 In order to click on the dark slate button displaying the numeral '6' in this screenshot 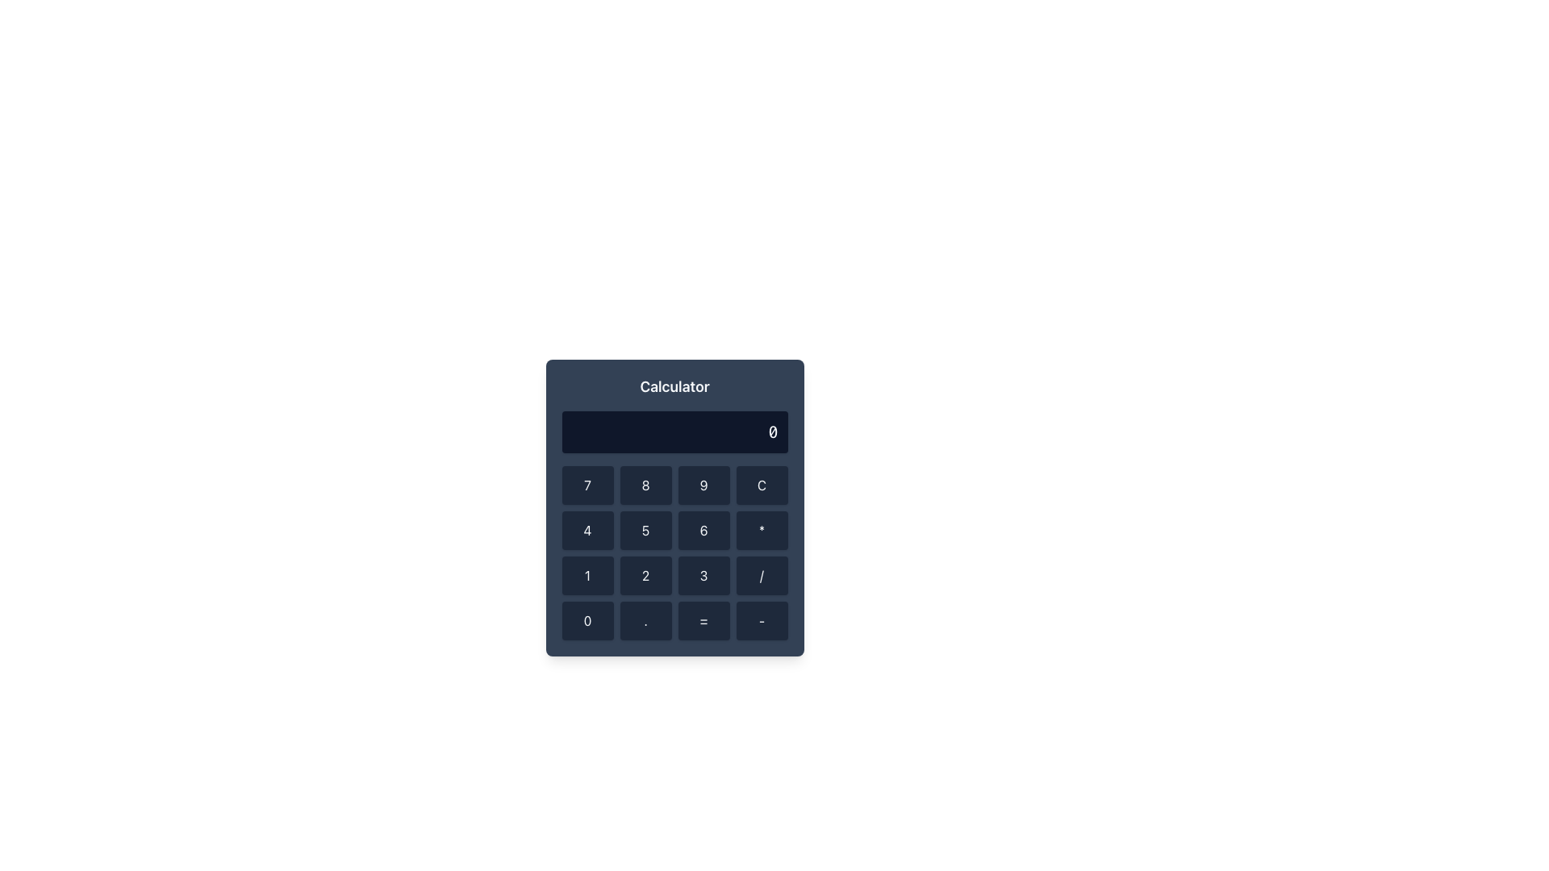, I will do `click(704, 531)`.